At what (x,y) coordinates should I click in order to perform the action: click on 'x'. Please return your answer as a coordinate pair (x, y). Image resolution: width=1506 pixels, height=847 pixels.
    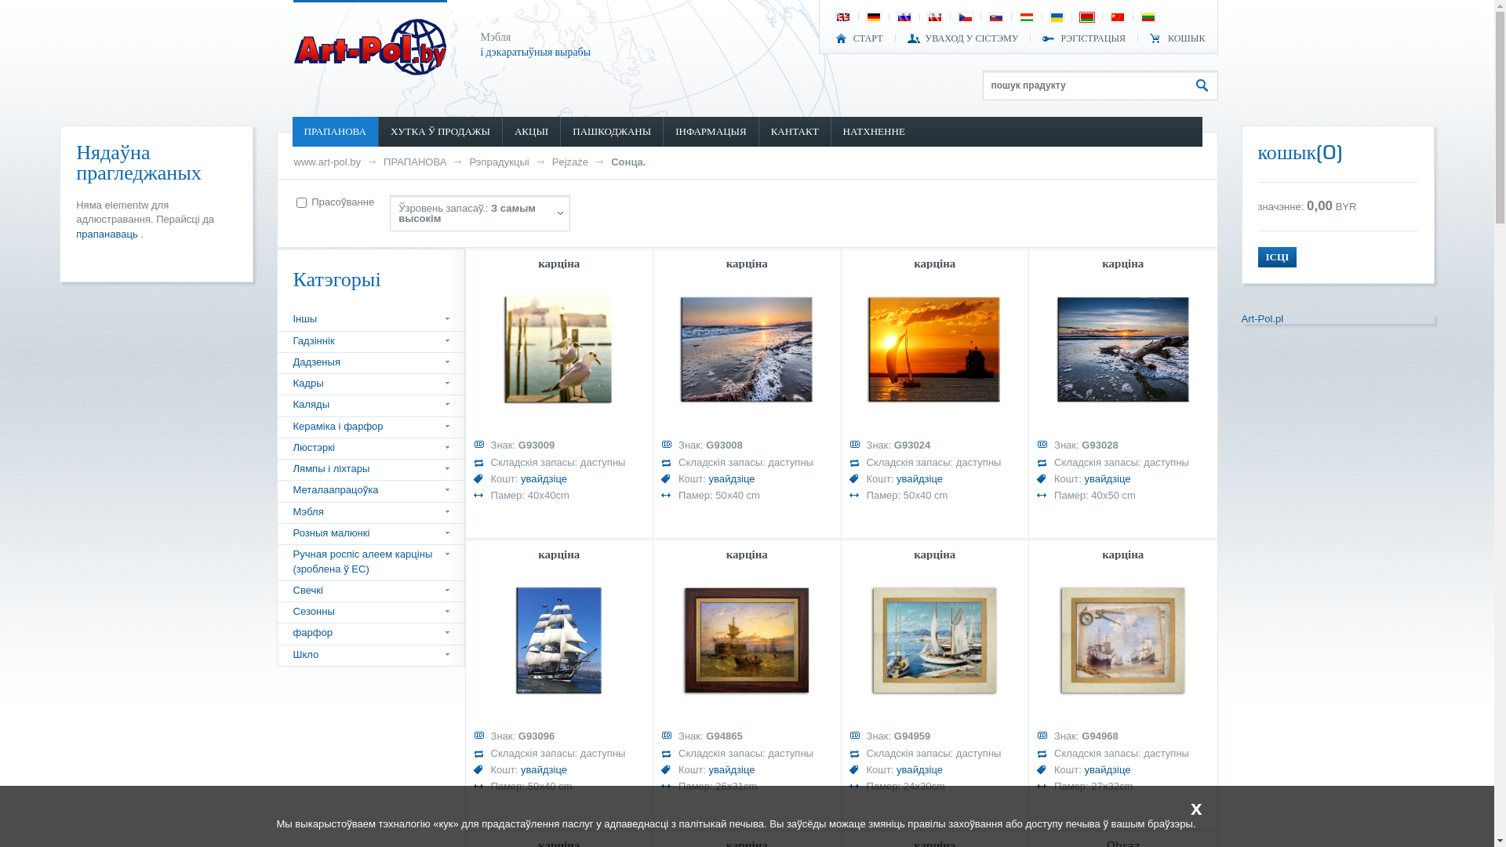
    Looking at the image, I should click on (1182, 807).